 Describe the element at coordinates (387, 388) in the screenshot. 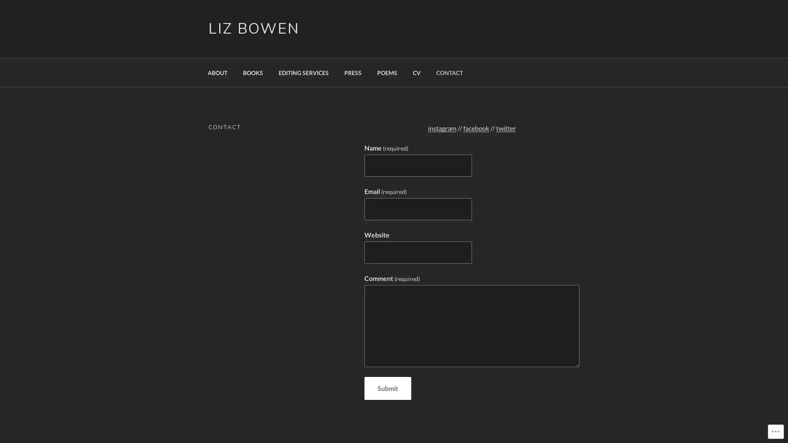

I see `Submit` at that location.